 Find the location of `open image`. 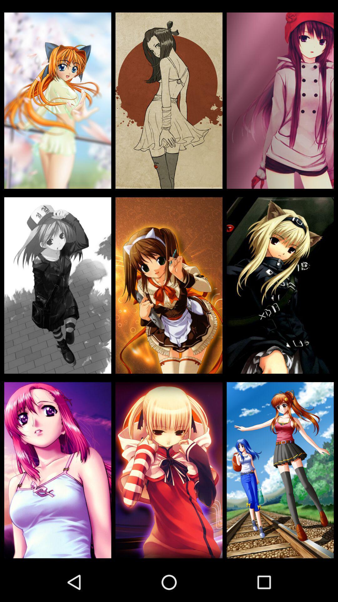

open image is located at coordinates (58, 101).